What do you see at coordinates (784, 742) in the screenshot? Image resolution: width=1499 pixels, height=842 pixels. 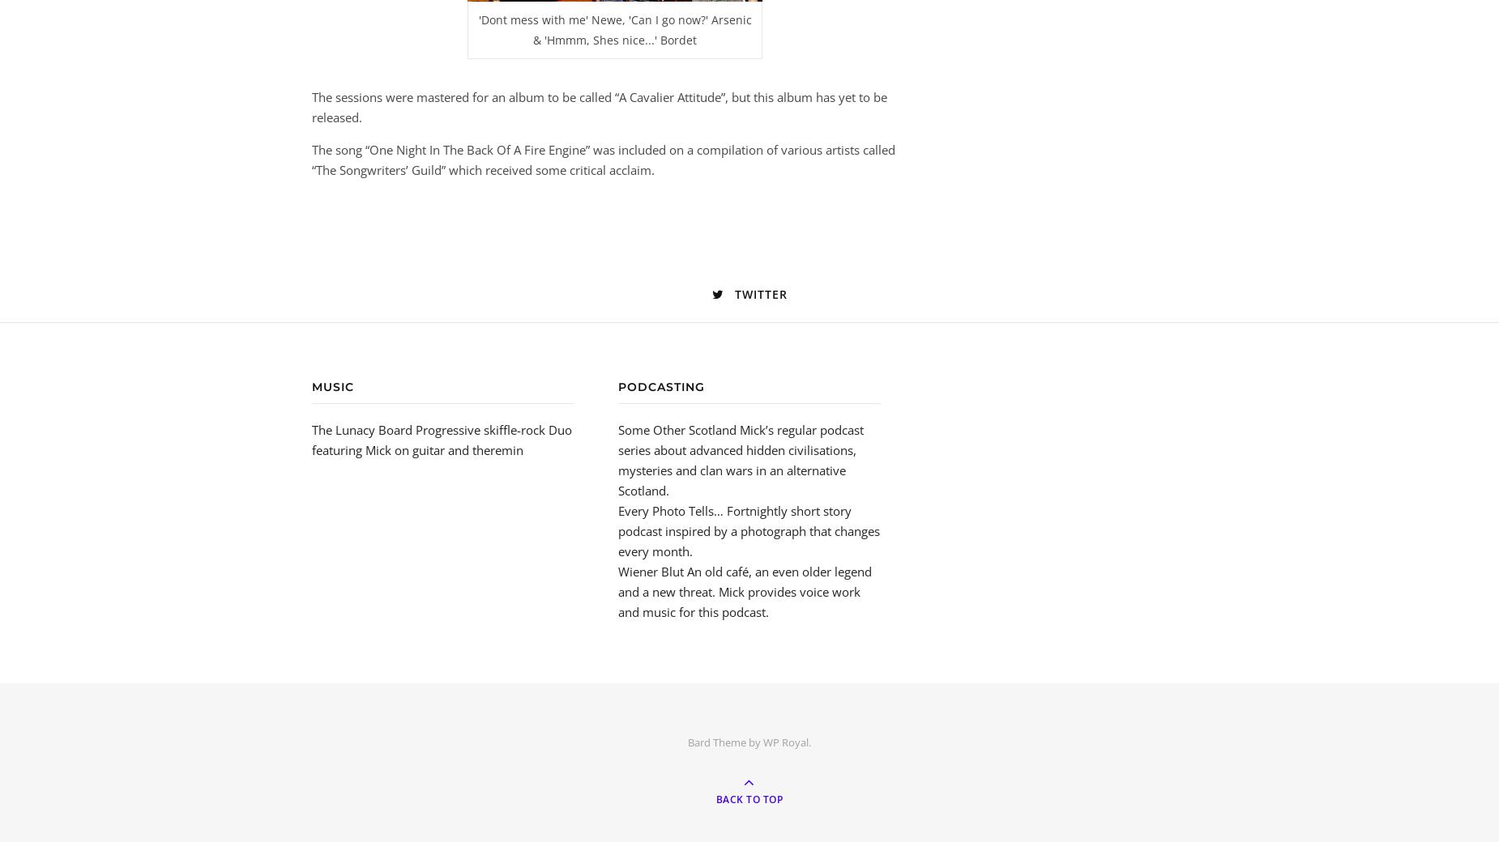 I see `'WP Royal'` at bounding box center [784, 742].